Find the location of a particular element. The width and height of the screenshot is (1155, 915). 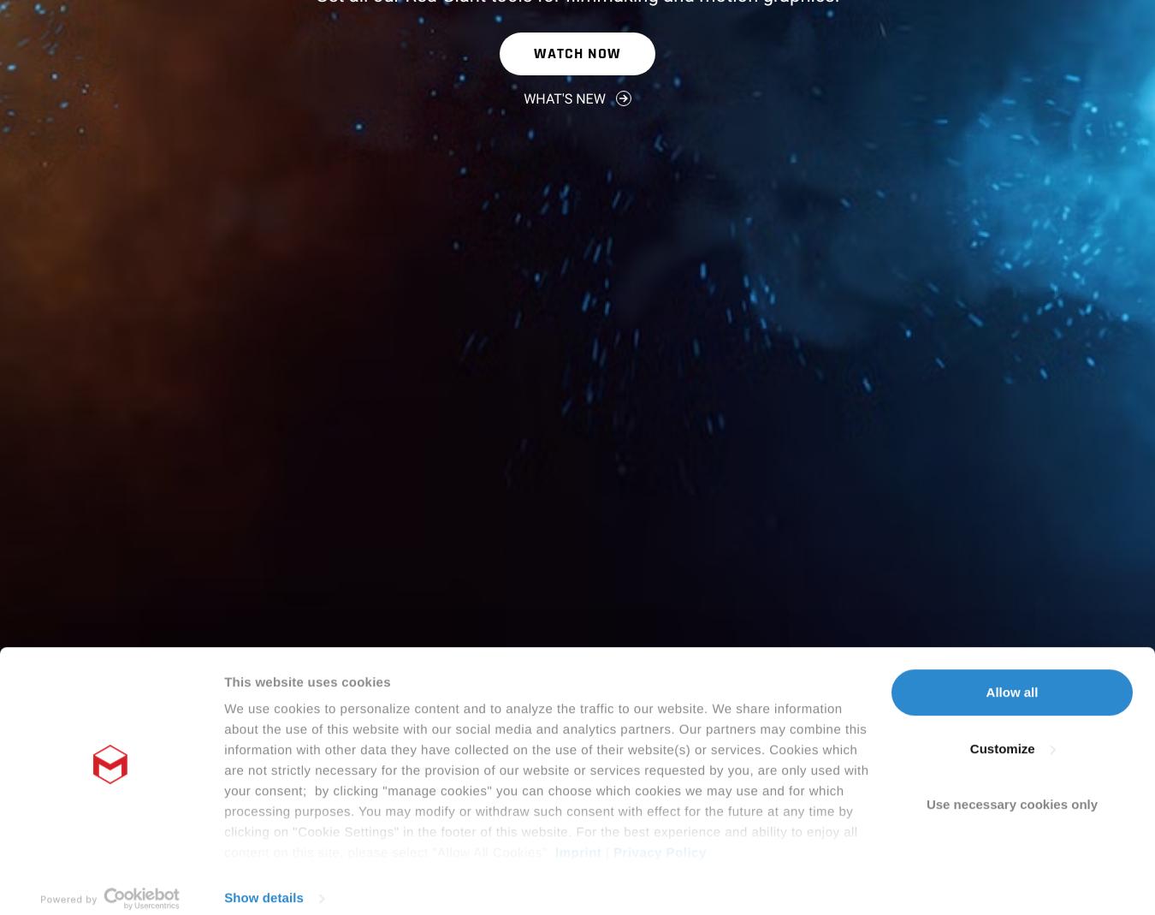

'What's New' is located at coordinates (564, 98).